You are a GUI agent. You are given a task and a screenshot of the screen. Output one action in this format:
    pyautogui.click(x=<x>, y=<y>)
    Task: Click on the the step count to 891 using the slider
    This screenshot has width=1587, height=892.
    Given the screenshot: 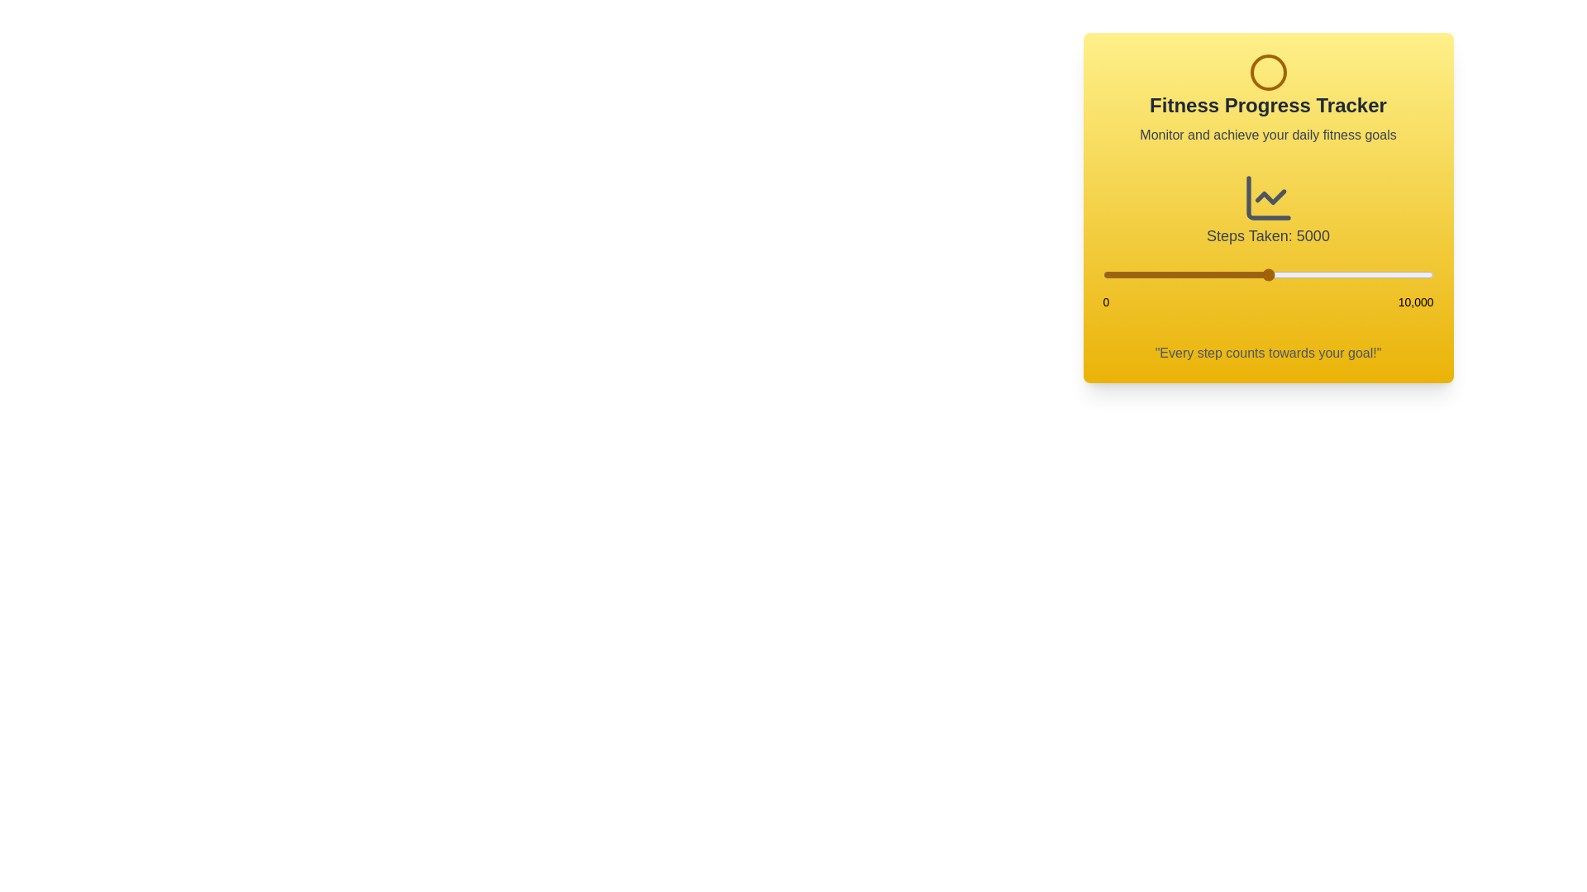 What is the action you would take?
    pyautogui.click(x=1132, y=273)
    